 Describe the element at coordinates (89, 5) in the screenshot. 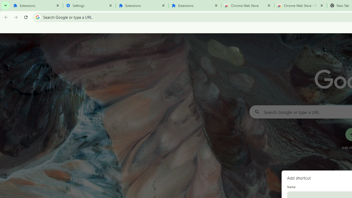

I see `'Settings'` at that location.